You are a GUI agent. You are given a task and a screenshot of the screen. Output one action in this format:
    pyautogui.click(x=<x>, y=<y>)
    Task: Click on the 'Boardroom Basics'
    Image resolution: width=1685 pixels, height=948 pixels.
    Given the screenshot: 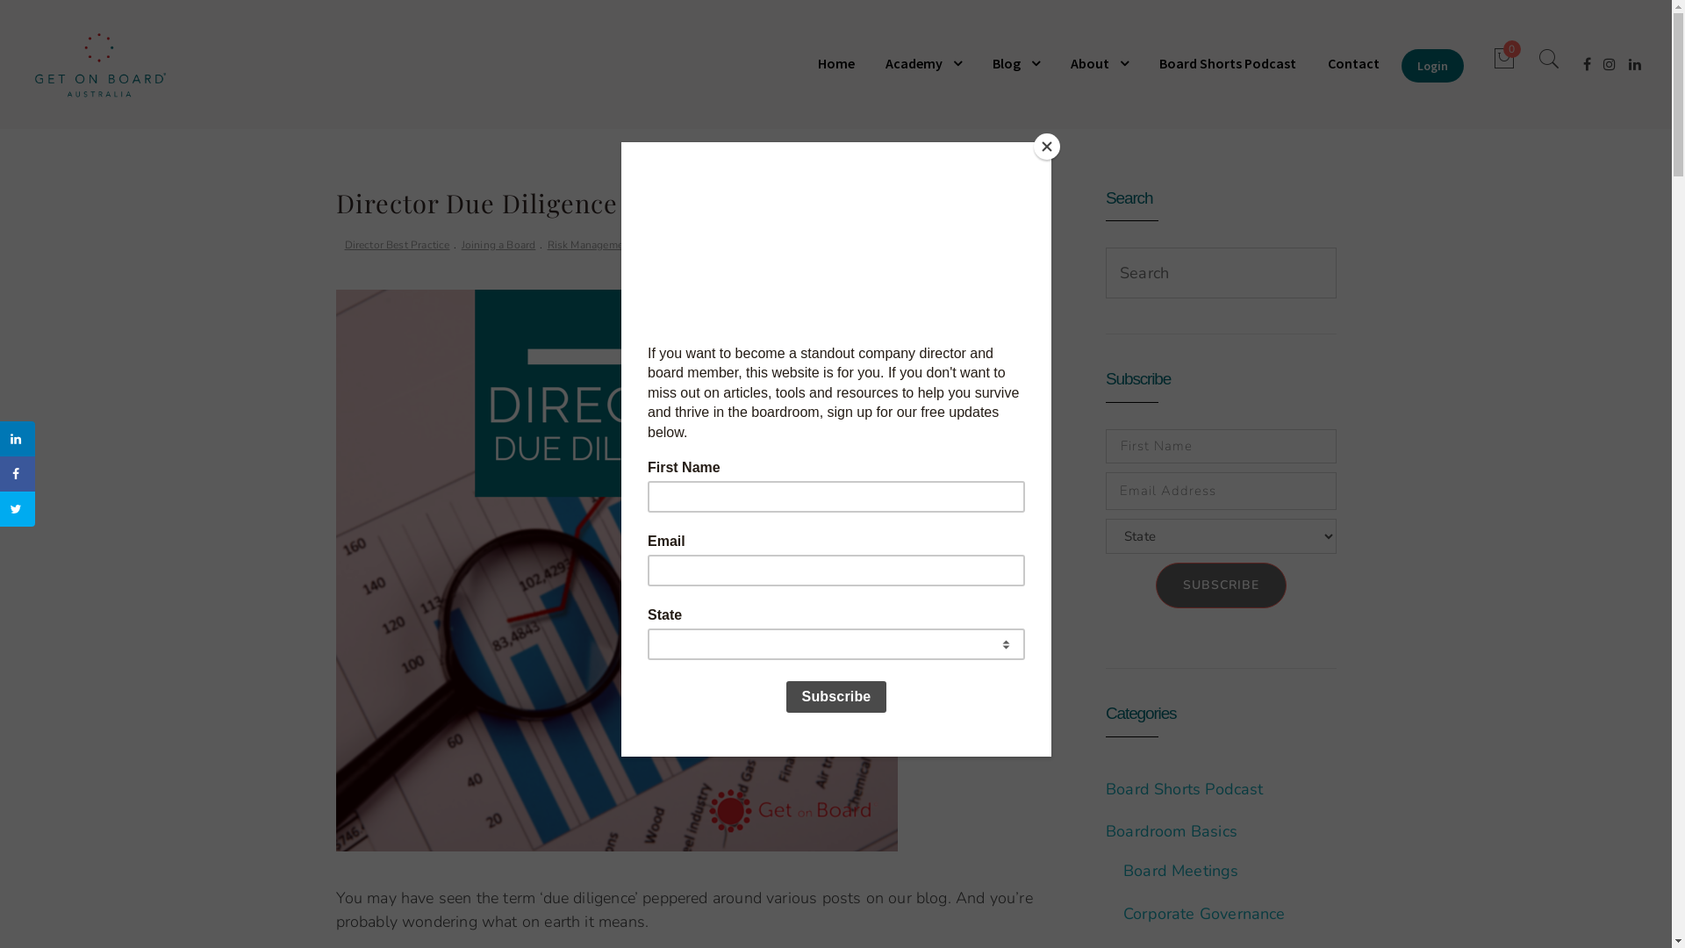 What is the action you would take?
    pyautogui.click(x=1171, y=830)
    